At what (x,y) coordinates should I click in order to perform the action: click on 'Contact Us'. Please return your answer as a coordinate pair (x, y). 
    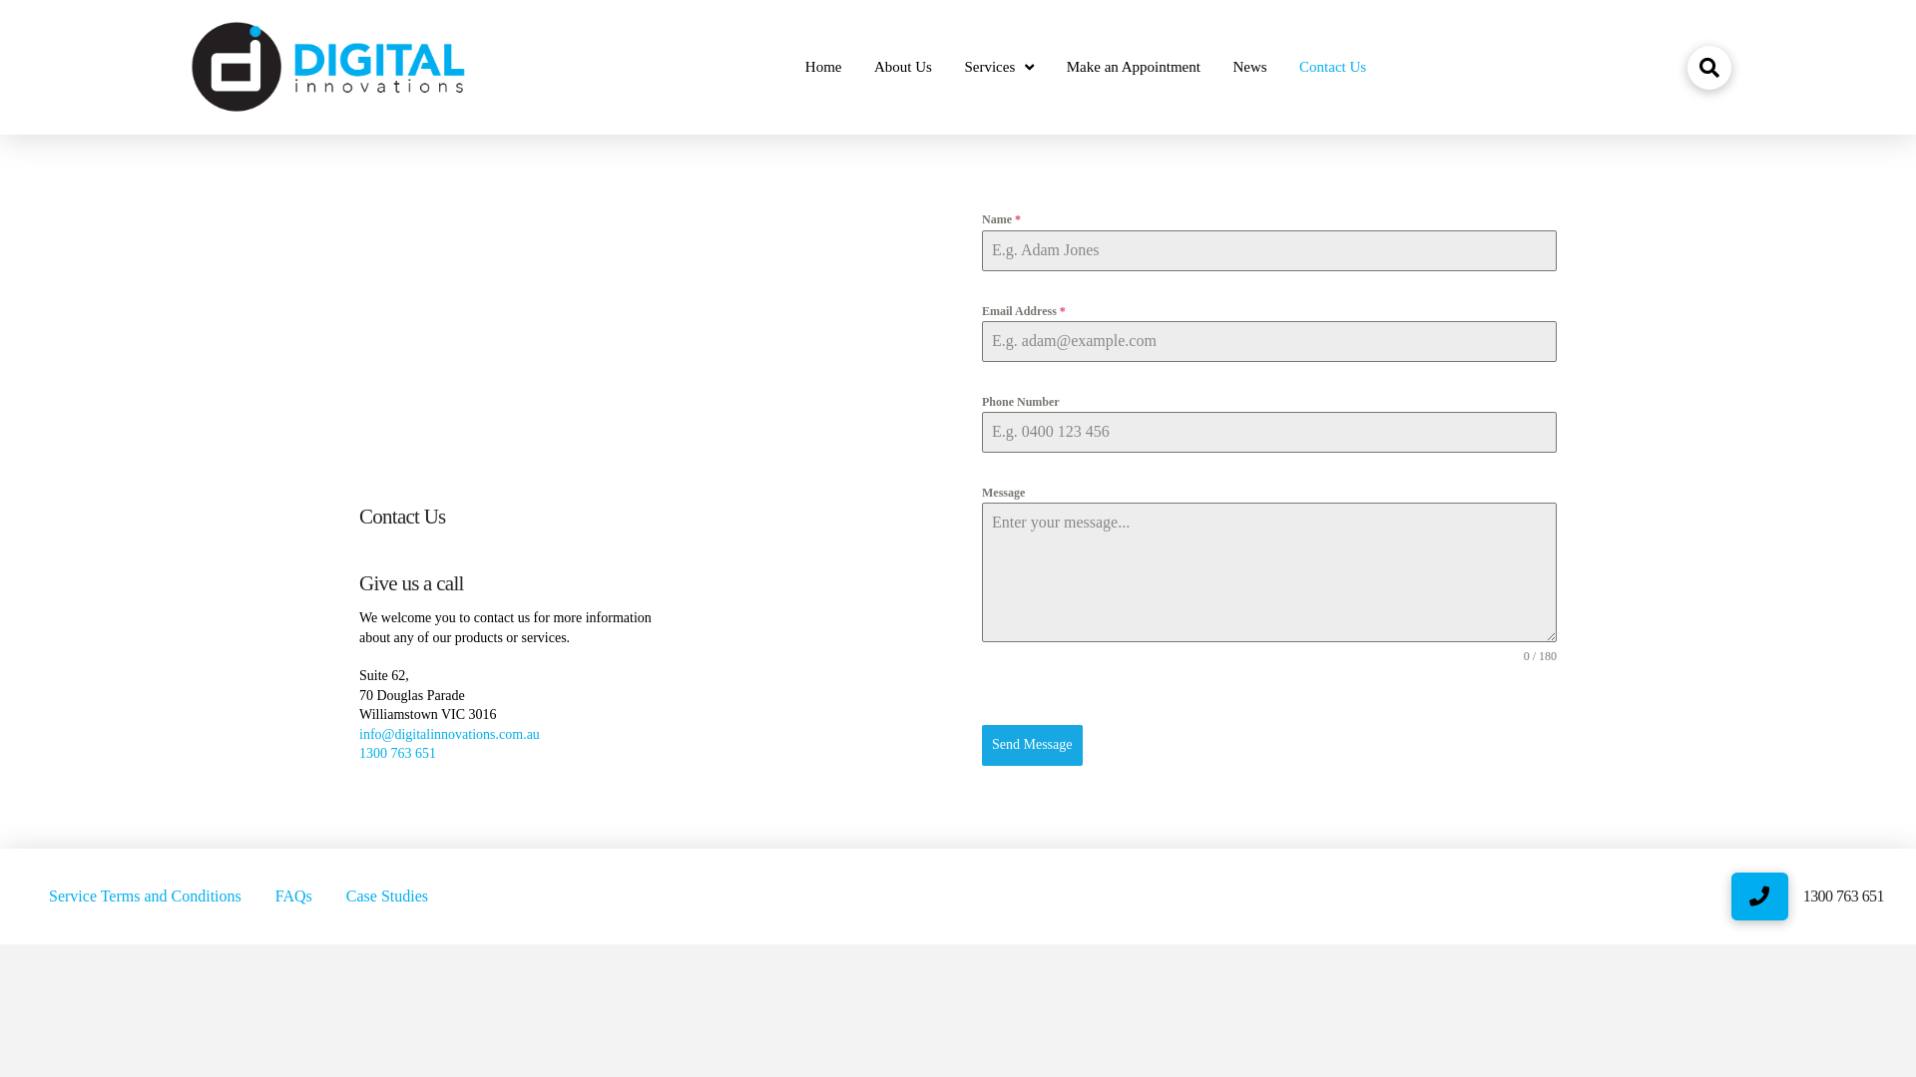
    Looking at the image, I should click on (1332, 67).